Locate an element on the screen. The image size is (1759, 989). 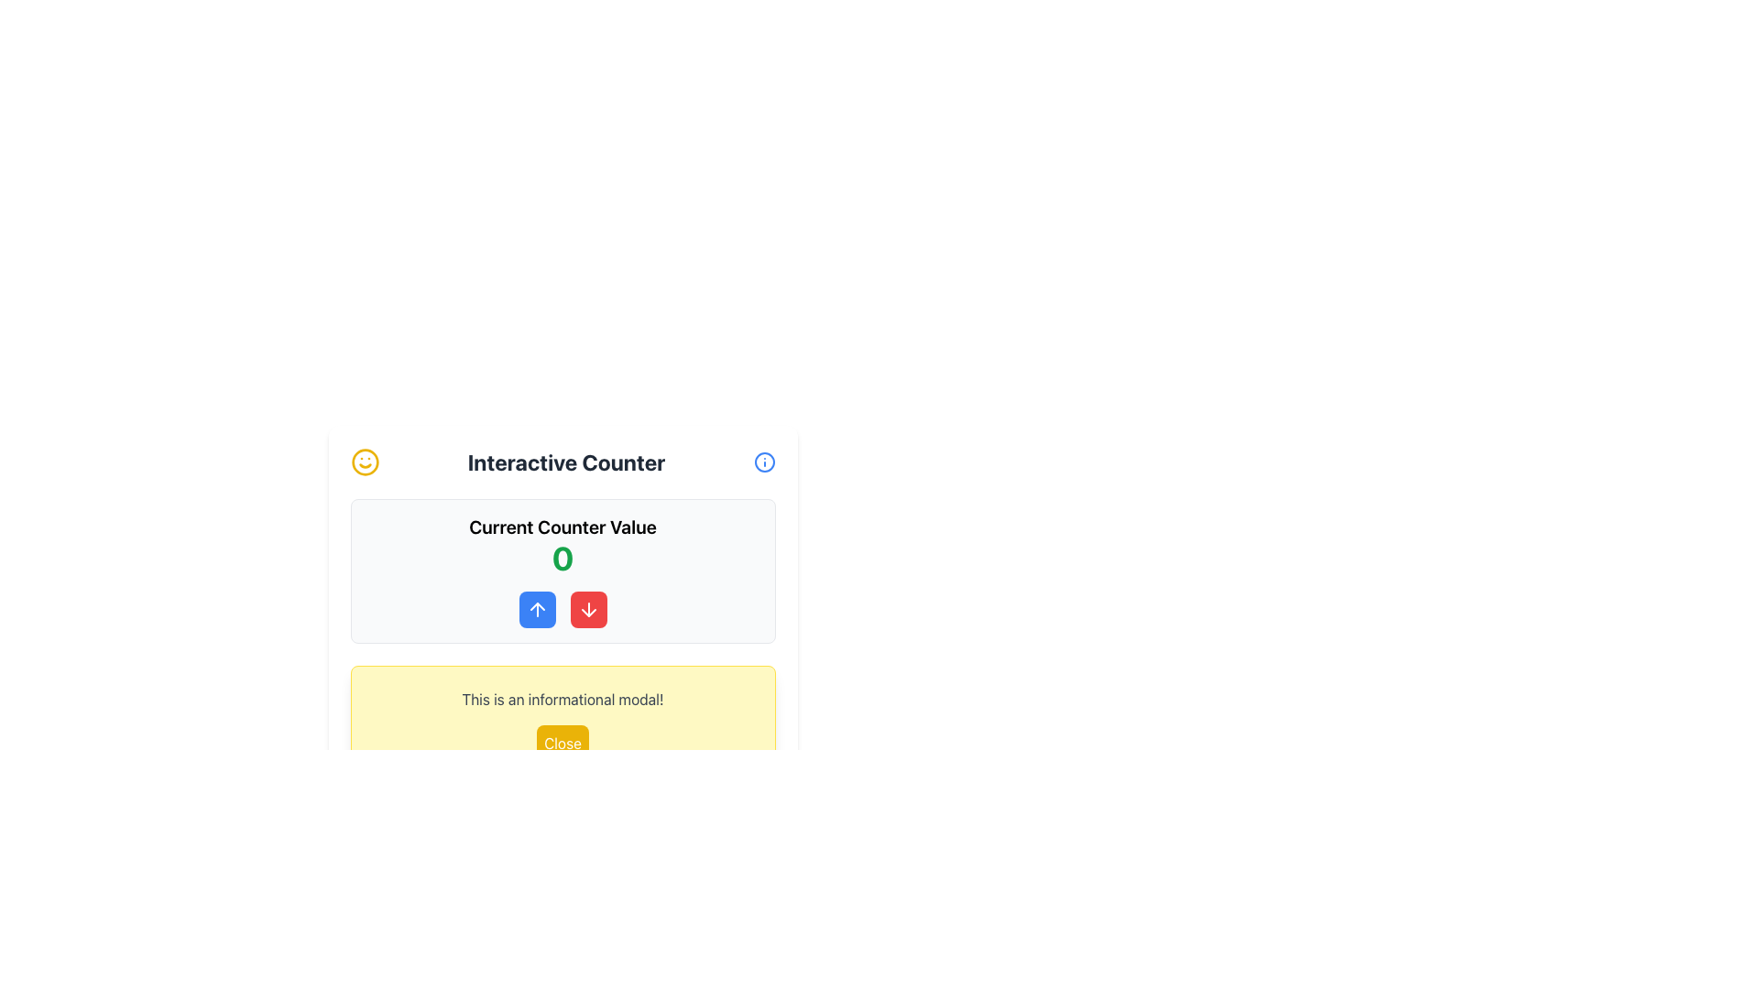
the icon button that symbolizes a decrease in value, which is located centrally within the 'Interactive Counter' interface section, to decrement the counter is located at coordinates (588, 610).